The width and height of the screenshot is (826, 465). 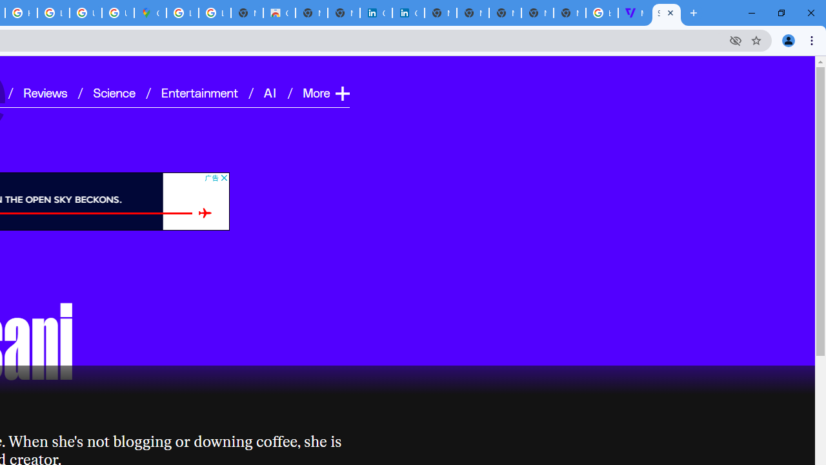 What do you see at coordinates (325, 92) in the screenshot?
I see `'More Expand'` at bounding box center [325, 92].